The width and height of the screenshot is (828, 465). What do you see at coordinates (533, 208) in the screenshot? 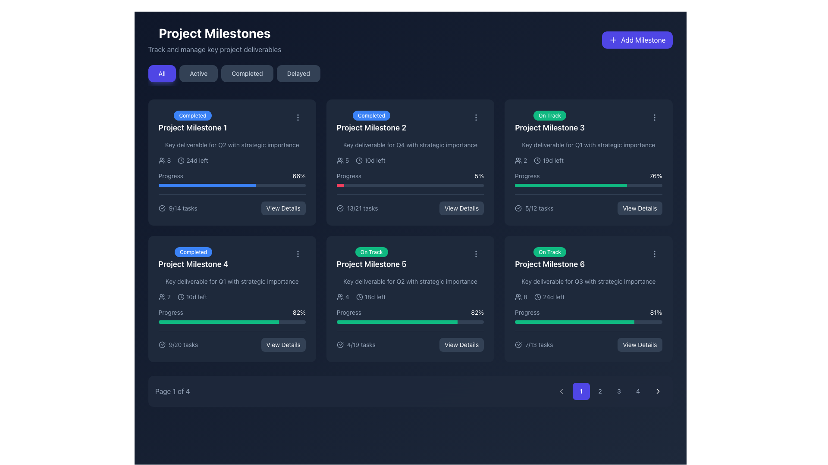
I see `the text label displaying '5/12 tasks.' with the checkmark icon located in the bottom-left section of the 'Project Milestone 3' card` at bounding box center [533, 208].